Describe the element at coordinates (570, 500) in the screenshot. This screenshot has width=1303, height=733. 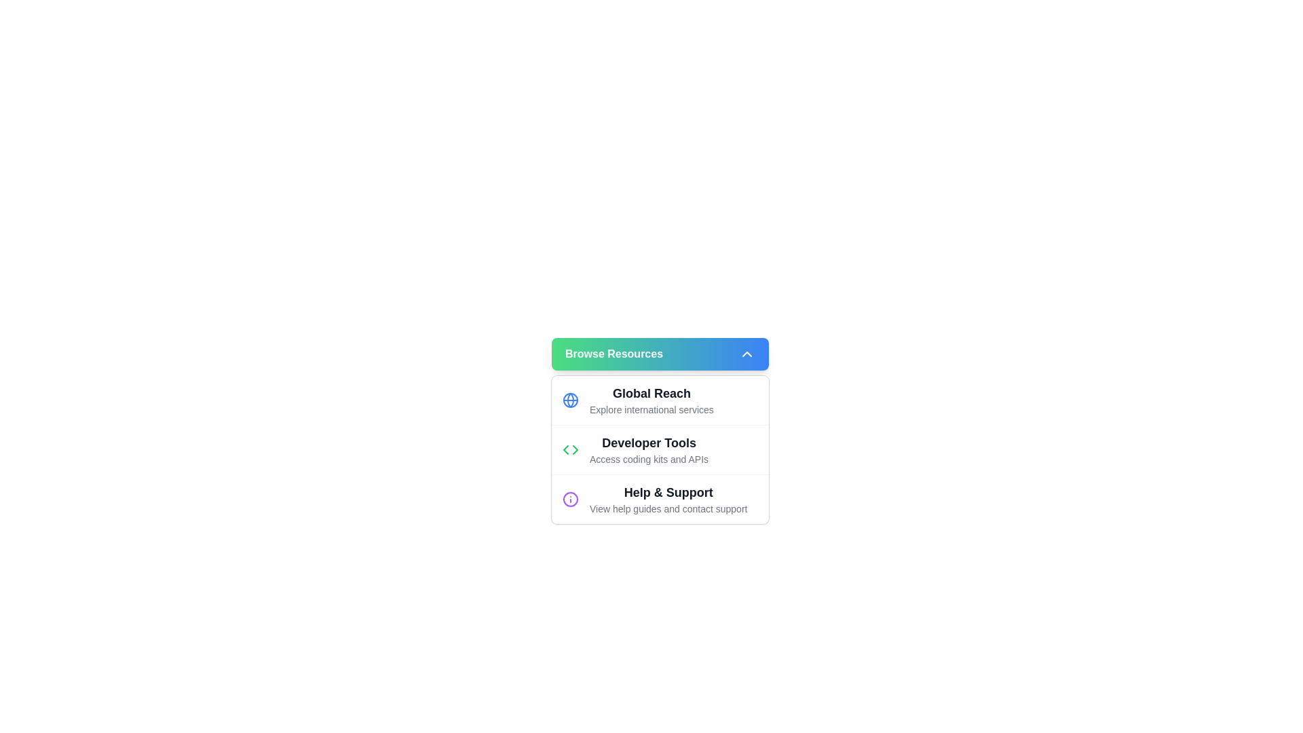
I see `the circular icon with a purple outlined ring located in the 'Help & Support' section, which is to the left of the title text 'Help & Support'` at that location.